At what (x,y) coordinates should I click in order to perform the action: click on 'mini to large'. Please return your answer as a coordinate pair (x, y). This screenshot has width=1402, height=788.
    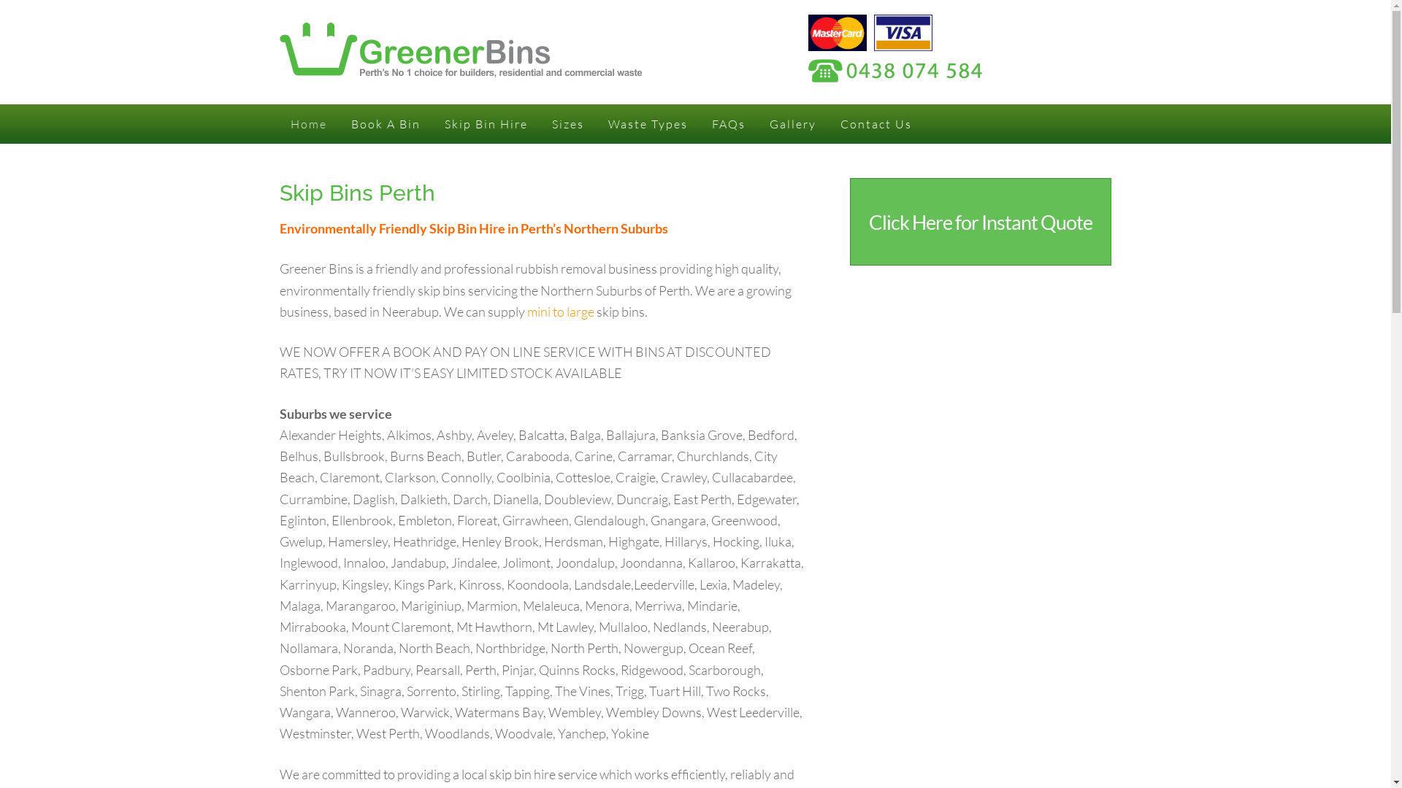
    Looking at the image, I should click on (560, 311).